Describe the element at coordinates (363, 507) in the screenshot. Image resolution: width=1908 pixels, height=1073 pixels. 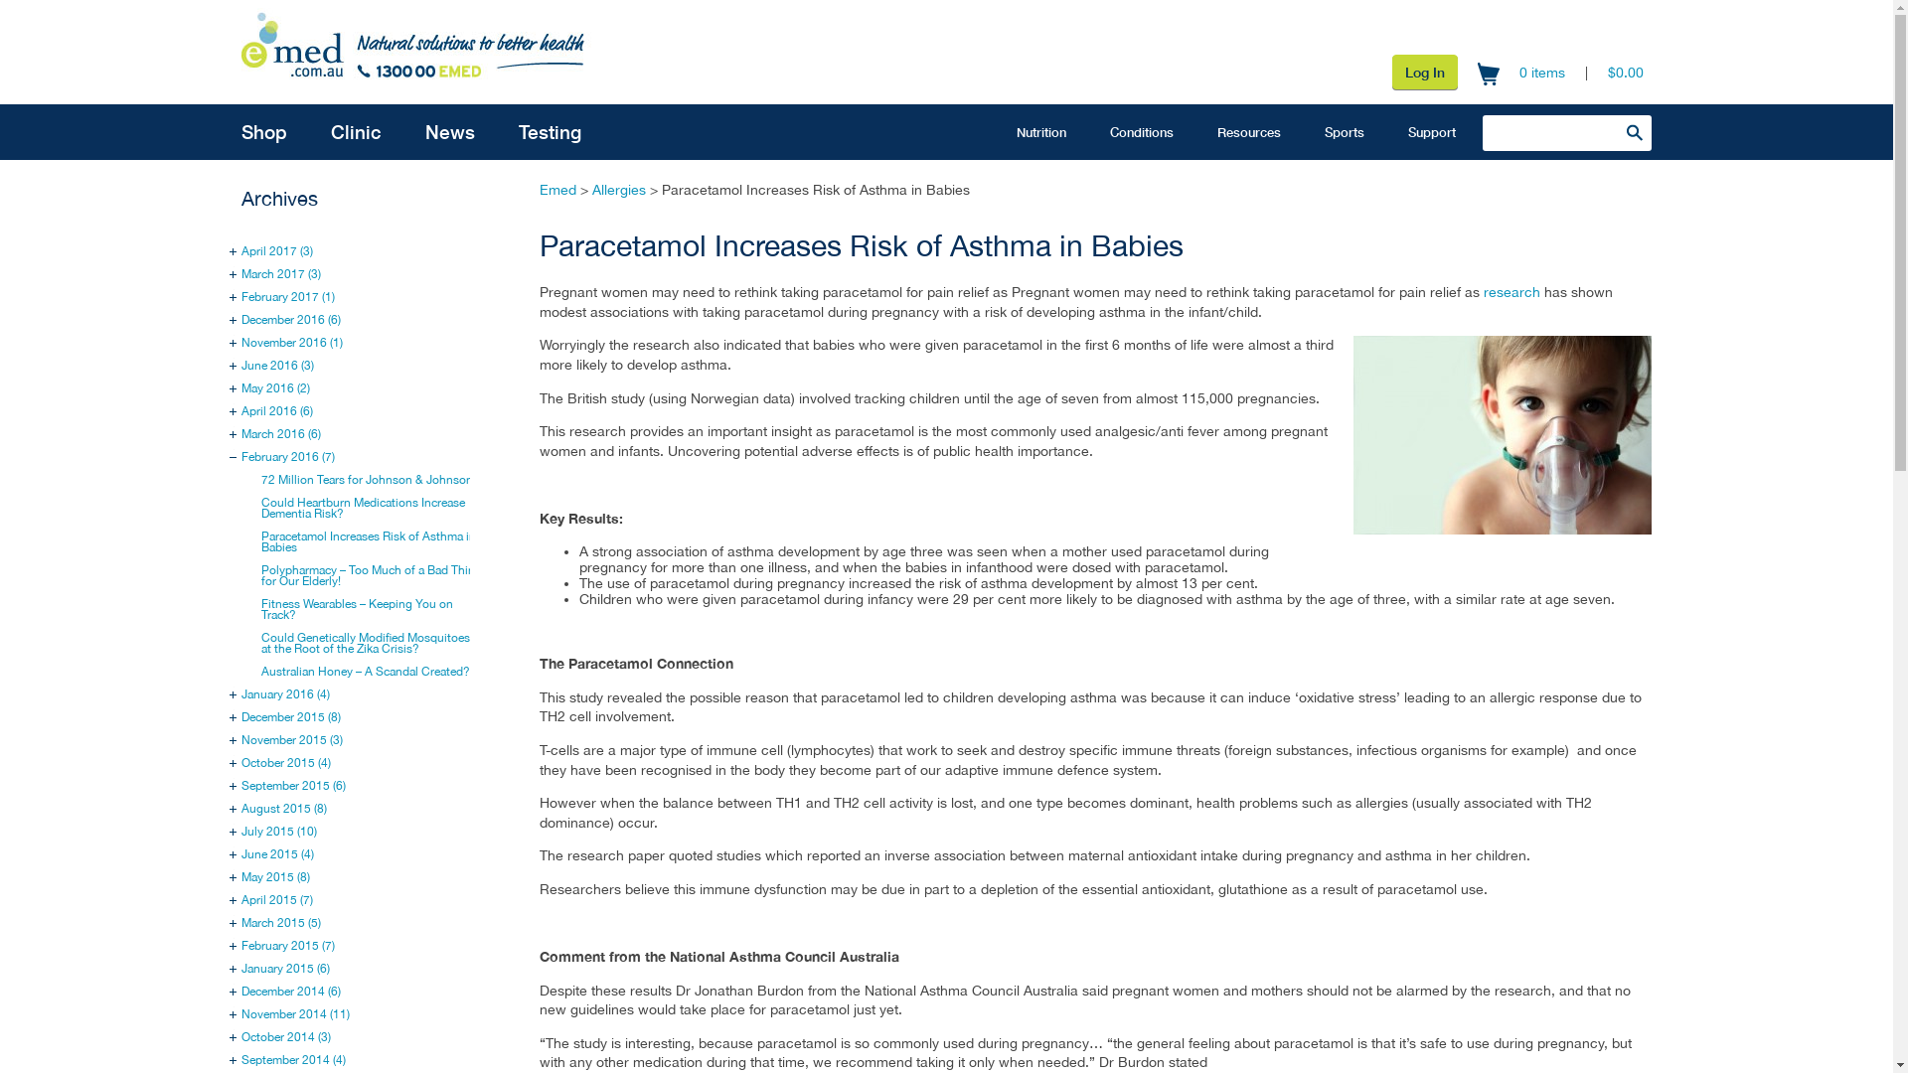
I see `'Could Heartburn Medications Increase Dementia Risk?'` at that location.